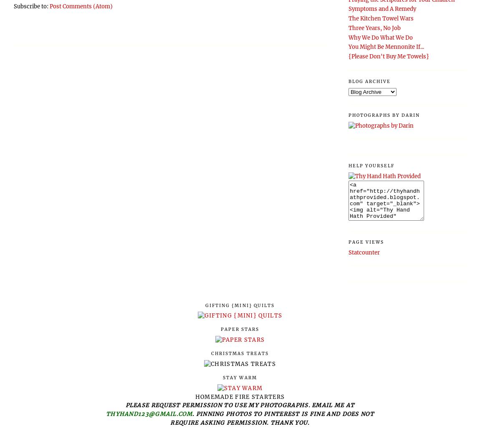 The image size is (480, 431). Describe the element at coordinates (240, 305) in the screenshot. I see `'Gifting {Mini} Quilts'` at that location.